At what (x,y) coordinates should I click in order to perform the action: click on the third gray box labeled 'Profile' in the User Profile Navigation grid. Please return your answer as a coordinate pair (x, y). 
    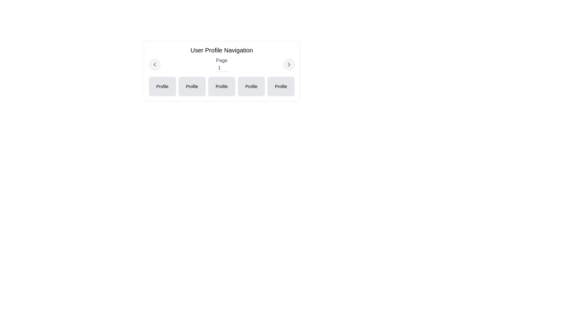
    Looking at the image, I should click on (221, 87).